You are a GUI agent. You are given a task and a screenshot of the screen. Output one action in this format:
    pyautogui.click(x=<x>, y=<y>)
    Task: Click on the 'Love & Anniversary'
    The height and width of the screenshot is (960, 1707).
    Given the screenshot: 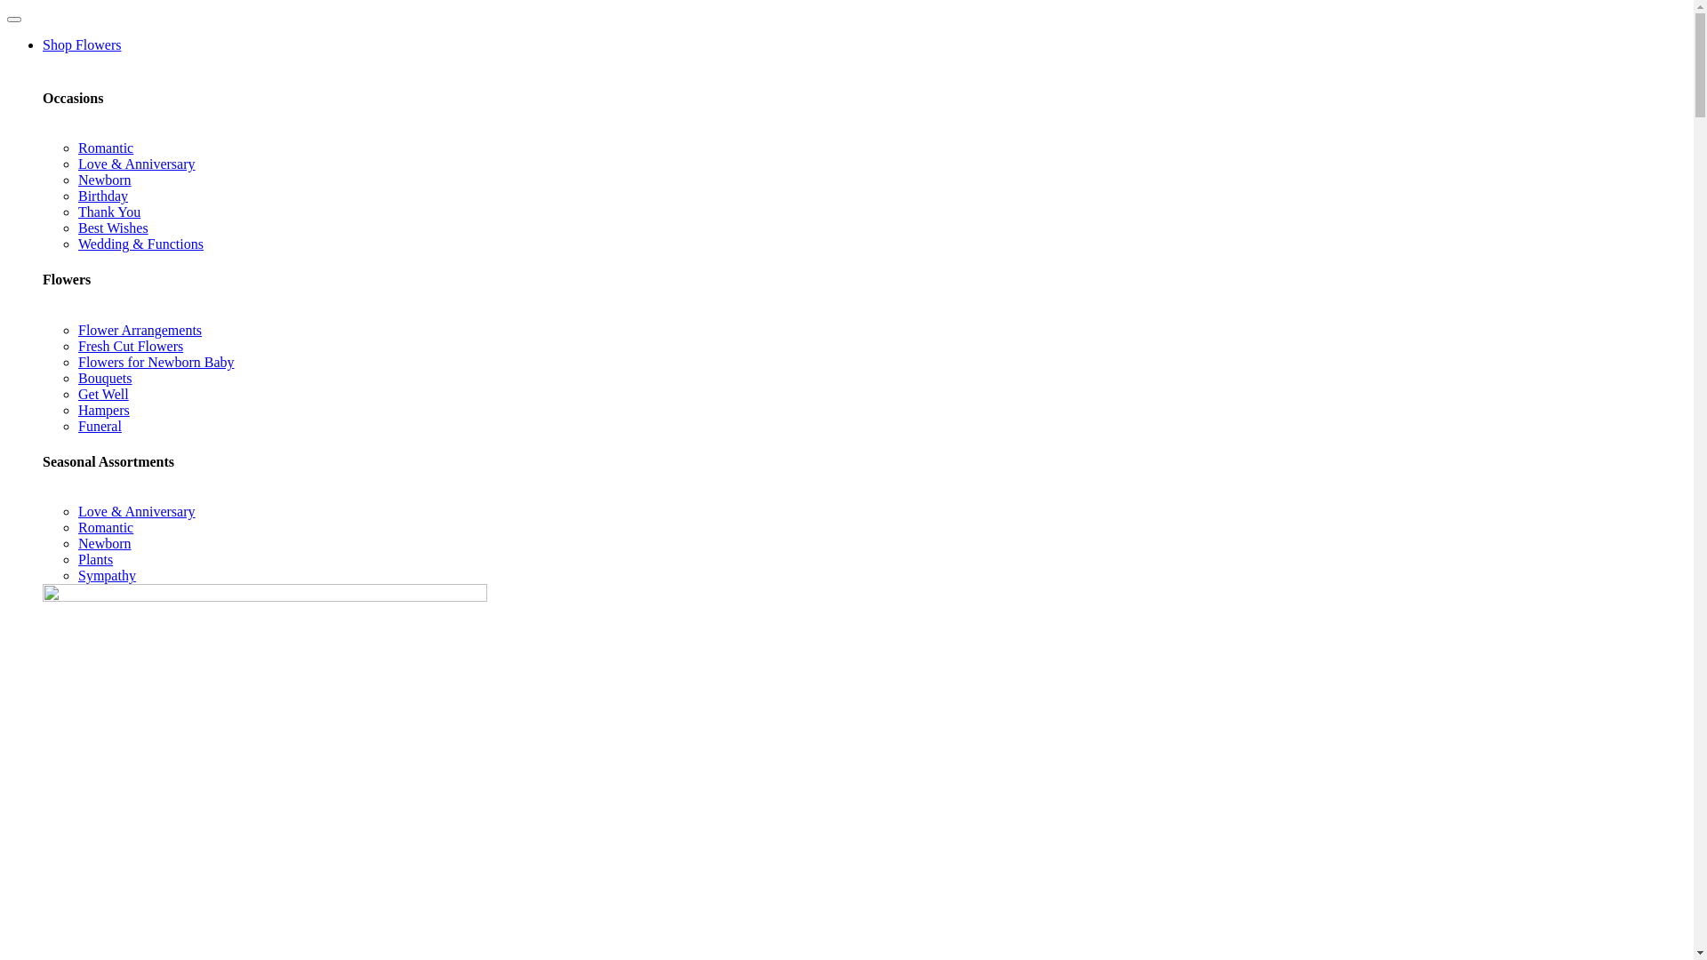 What is the action you would take?
    pyautogui.click(x=135, y=511)
    